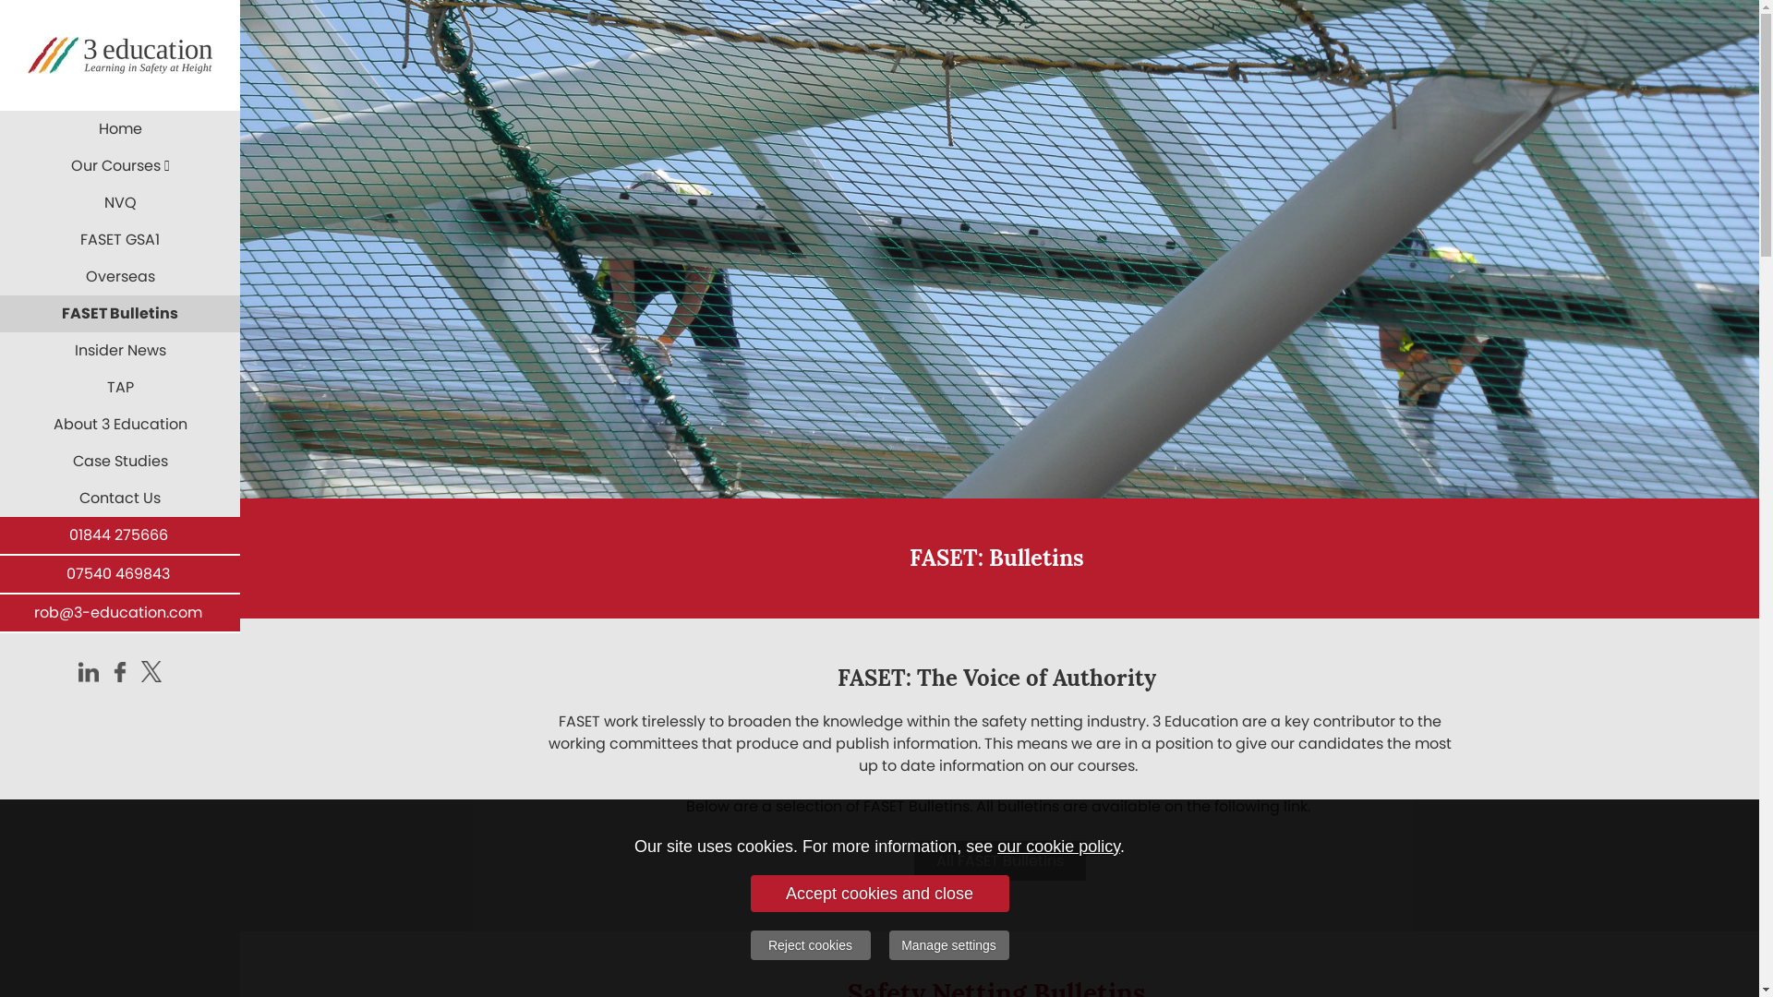 The height and width of the screenshot is (997, 1773). What do you see at coordinates (948, 944) in the screenshot?
I see `'Manage settings'` at bounding box center [948, 944].